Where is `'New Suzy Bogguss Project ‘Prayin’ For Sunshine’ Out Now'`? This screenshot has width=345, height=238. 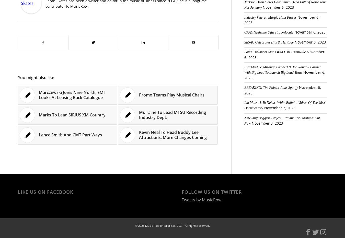
'New Suzy Bogguss Project ‘Prayin’ For Sunshine’ Out Now' is located at coordinates (244, 120).